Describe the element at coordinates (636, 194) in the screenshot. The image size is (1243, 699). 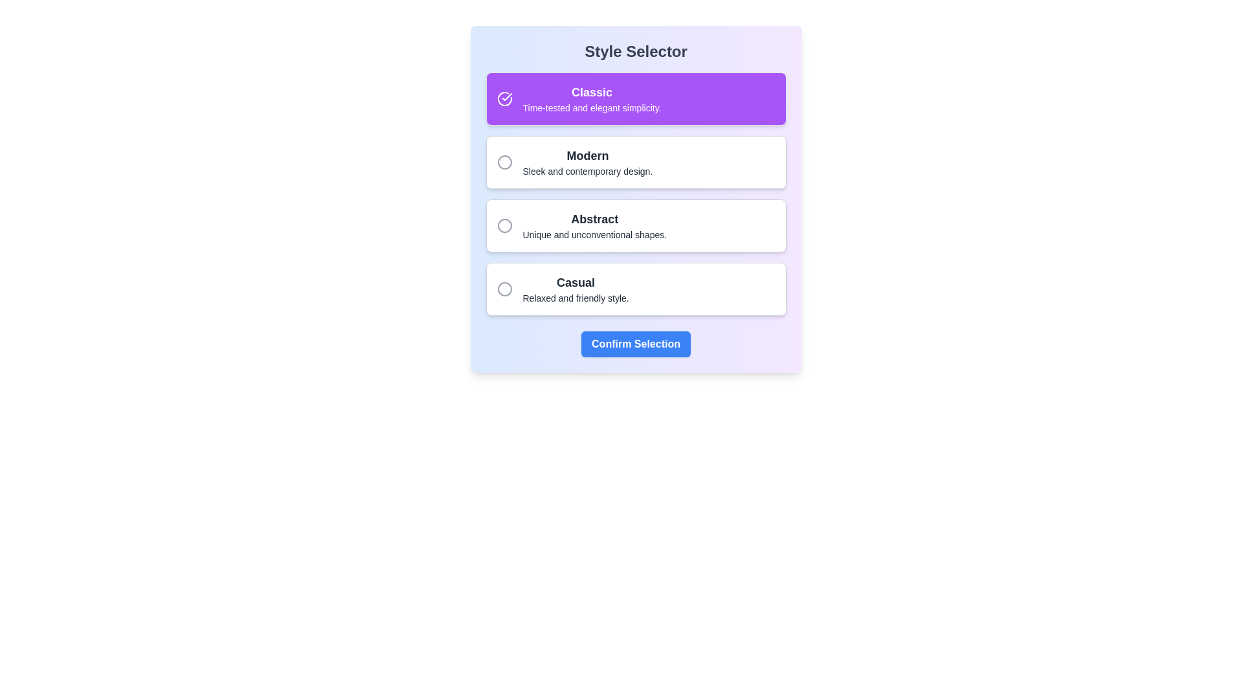
I see `an individual visual style option from the style selection module located at the center of the interface` at that location.